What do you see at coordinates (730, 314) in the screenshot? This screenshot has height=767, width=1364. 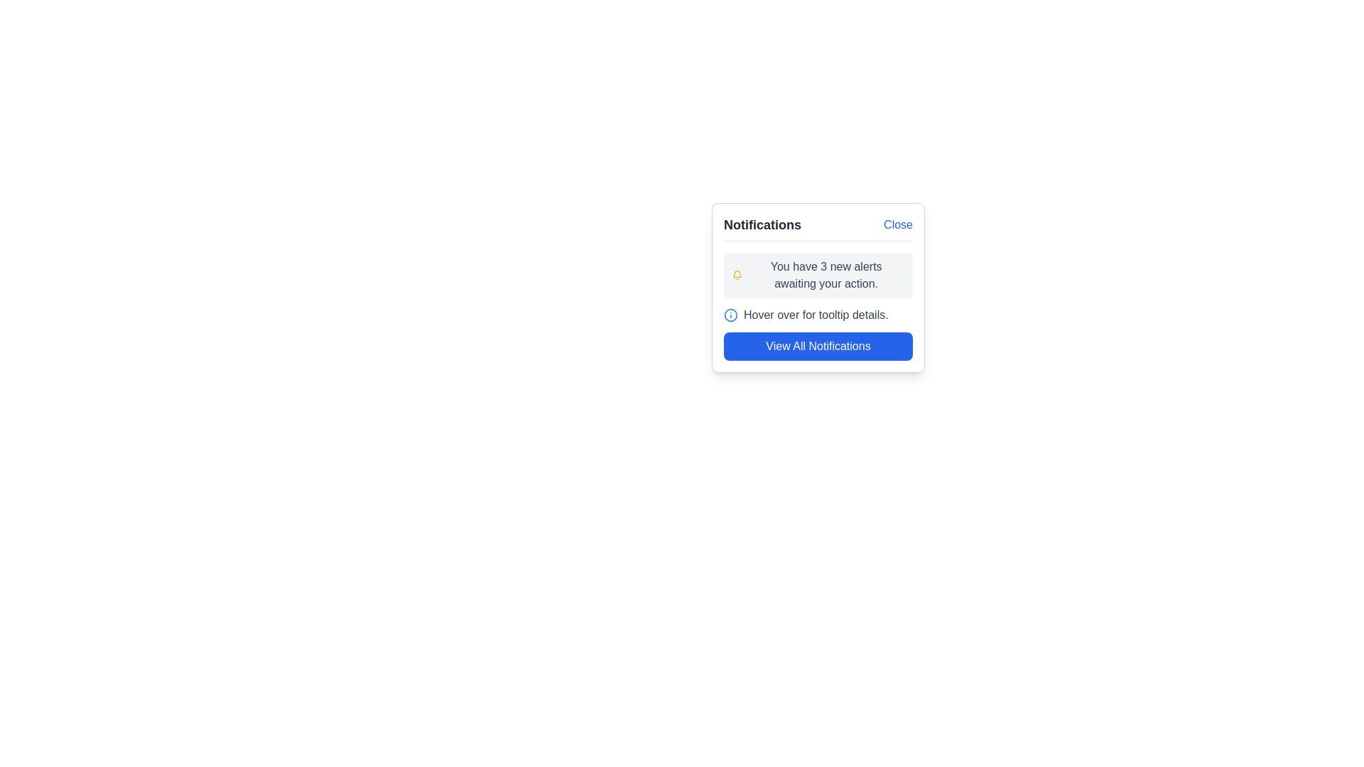 I see `the circular icon with a blue stroke outline located in the second item of the notification list, next to the descriptive text 'Hover over for tooltip details.'` at bounding box center [730, 314].